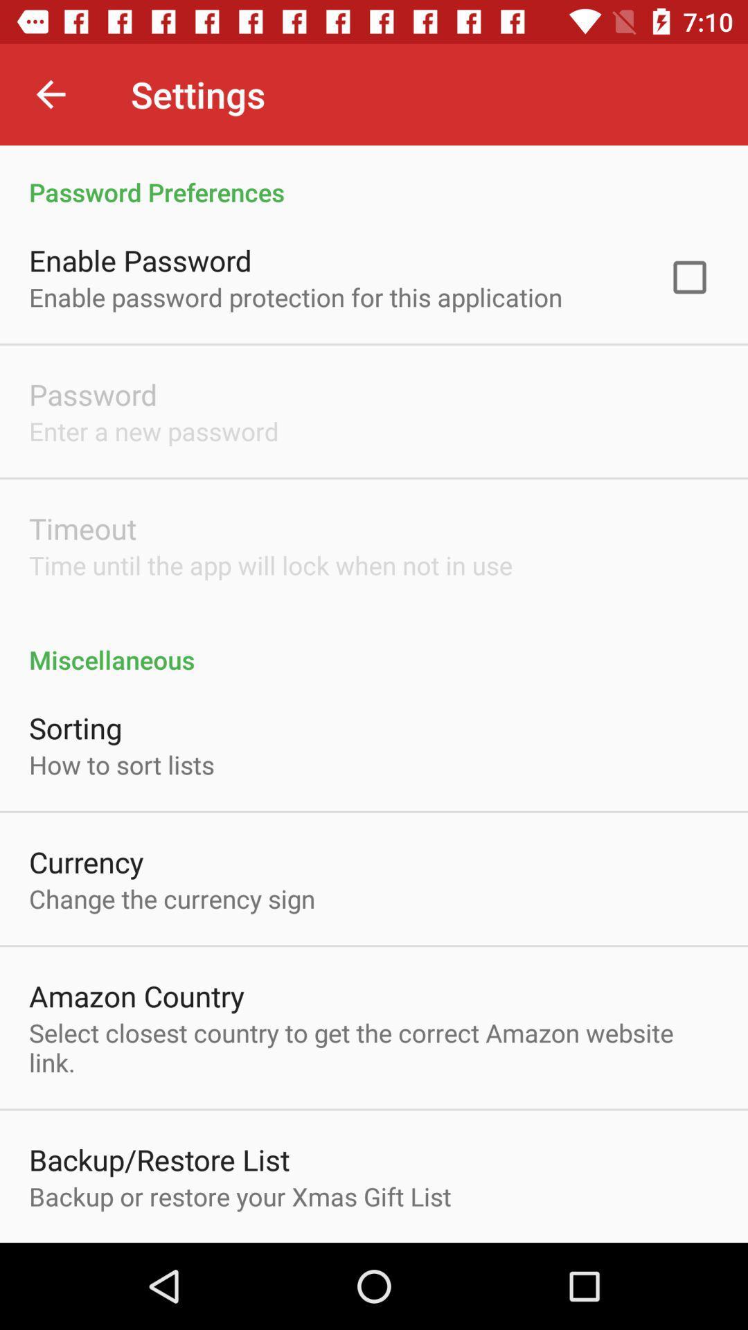 The width and height of the screenshot is (748, 1330). Describe the element at coordinates (374, 177) in the screenshot. I see `the password preferences icon` at that location.